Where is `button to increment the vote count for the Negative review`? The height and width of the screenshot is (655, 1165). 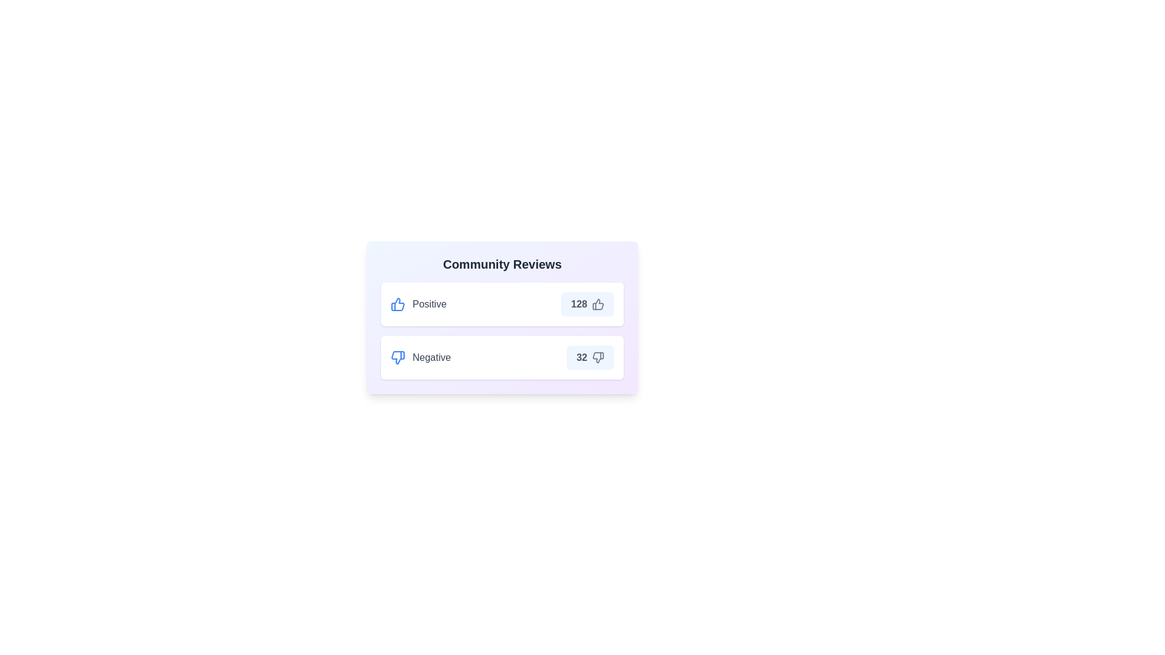
button to increment the vote count for the Negative review is located at coordinates (590, 357).